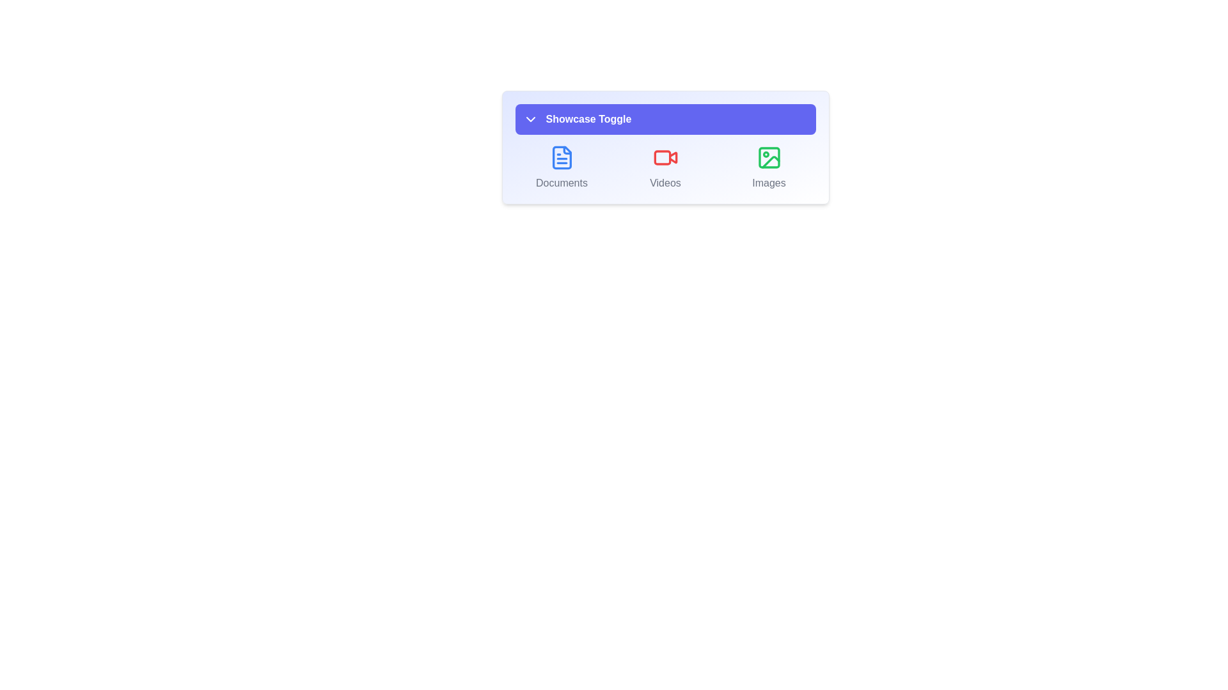 The height and width of the screenshot is (690, 1228). What do you see at coordinates (562, 167) in the screenshot?
I see `the first Labelled Icon Button representing 'Documents', which is a vertical stack of a document icon and the text label in gray color` at bounding box center [562, 167].